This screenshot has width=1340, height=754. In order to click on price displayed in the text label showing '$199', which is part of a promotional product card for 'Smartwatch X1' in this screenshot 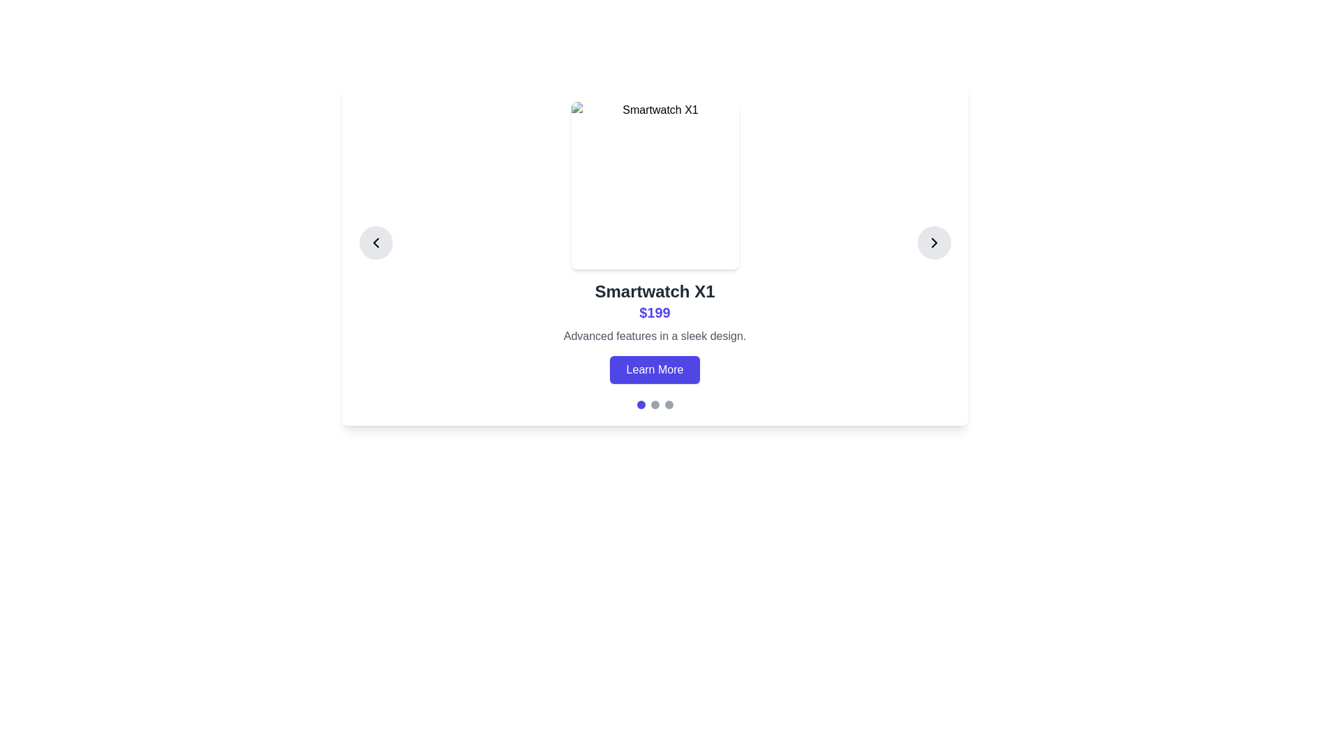, I will do `click(654, 311)`.